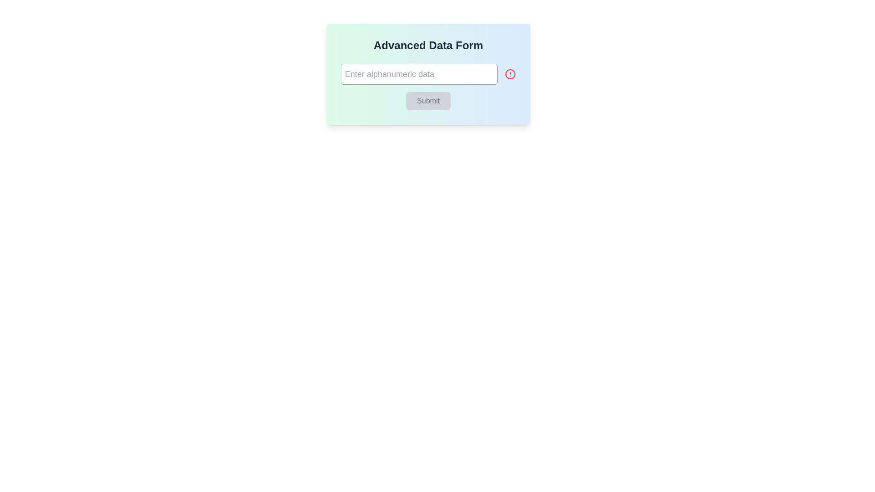 The image size is (875, 492). What do you see at coordinates (428, 87) in the screenshot?
I see `the 'Submit' button located at the bottom of the 'Advanced Data Form', which has a gray background and is directly underneath the input field labeled 'Enter alphanumeric data'` at bounding box center [428, 87].